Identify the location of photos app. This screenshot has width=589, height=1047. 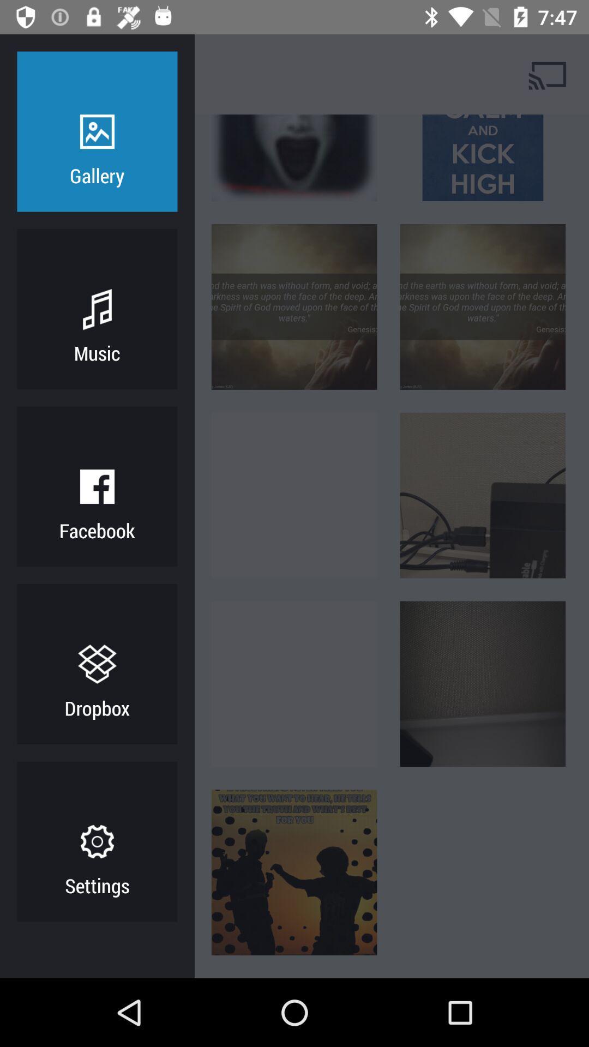
(139, 74).